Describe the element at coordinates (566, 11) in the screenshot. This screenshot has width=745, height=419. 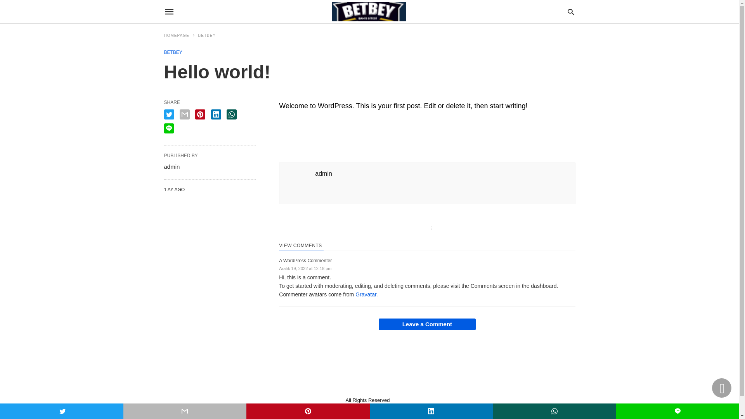
I see `'search'` at that location.